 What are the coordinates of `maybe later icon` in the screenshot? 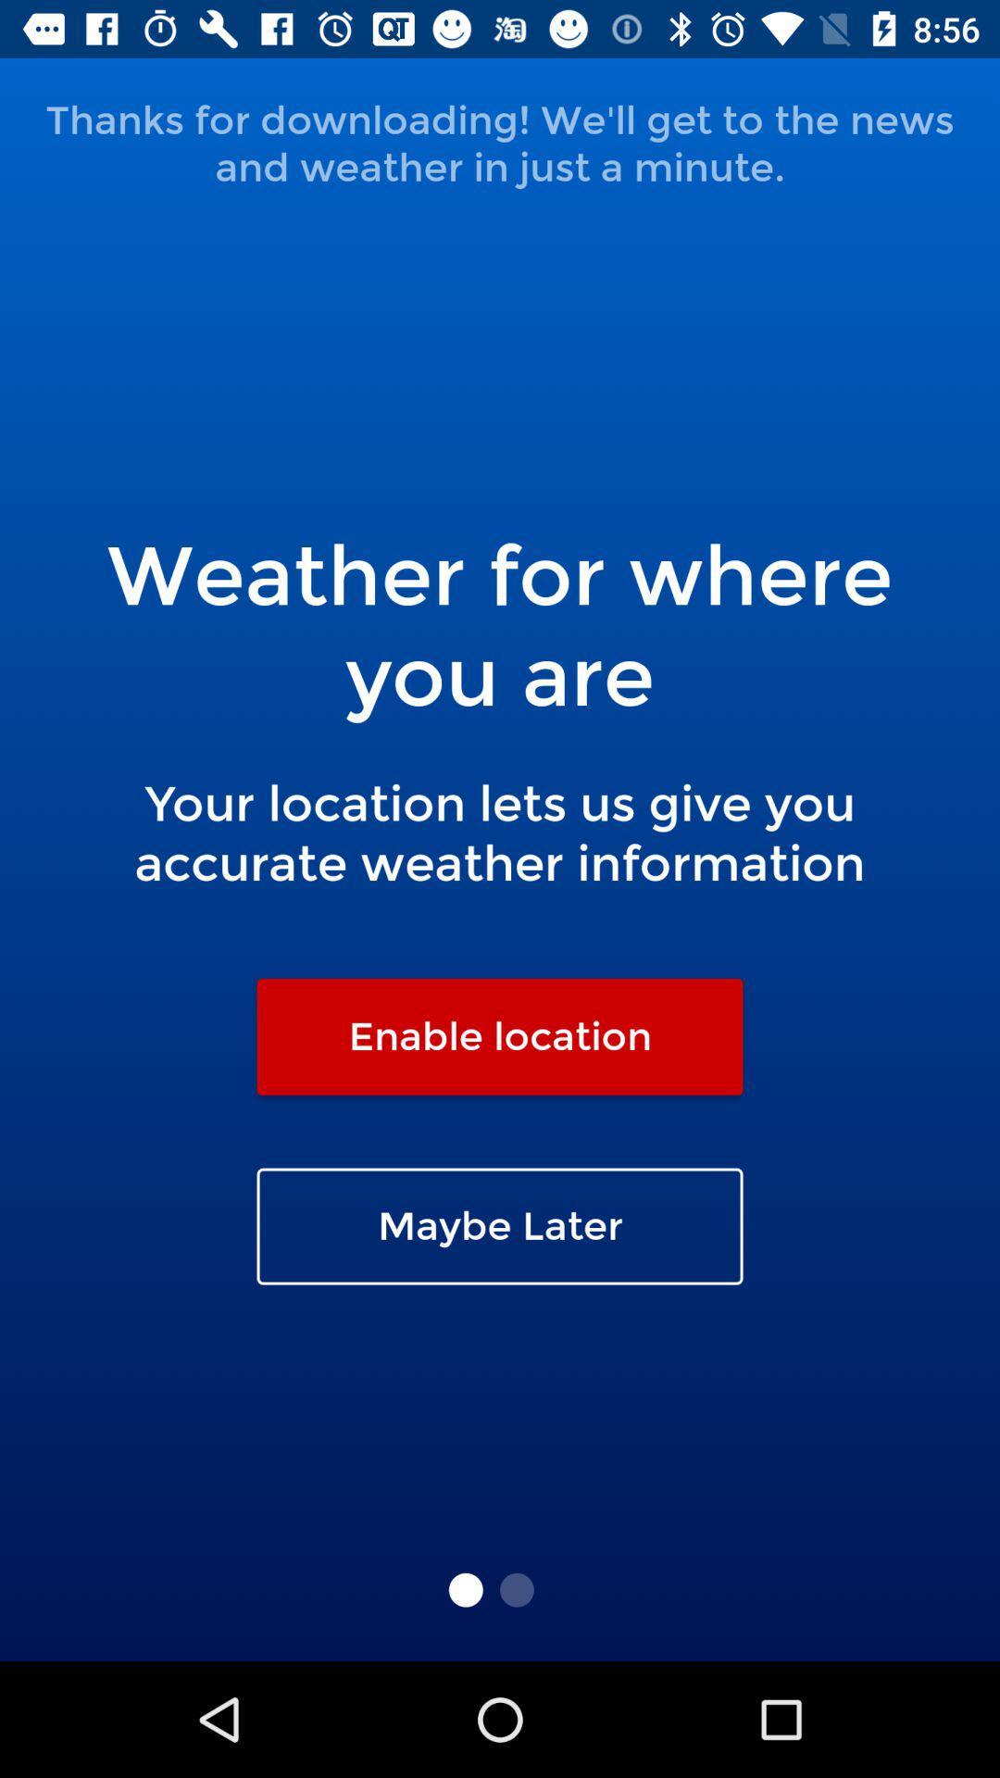 It's located at (500, 1226).